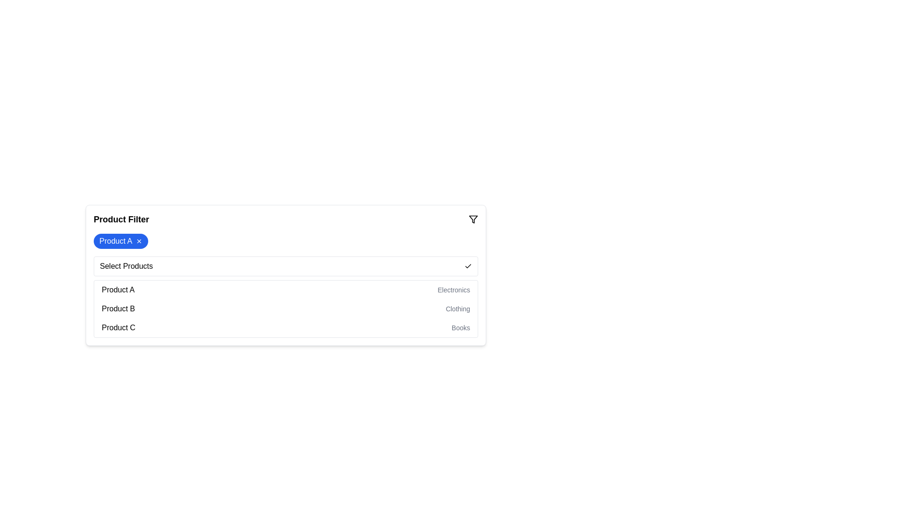 The height and width of the screenshot is (511, 909). I want to click on the selectable option 'Product C' within the dropdown list under the heading 'Select Products', so click(118, 327).